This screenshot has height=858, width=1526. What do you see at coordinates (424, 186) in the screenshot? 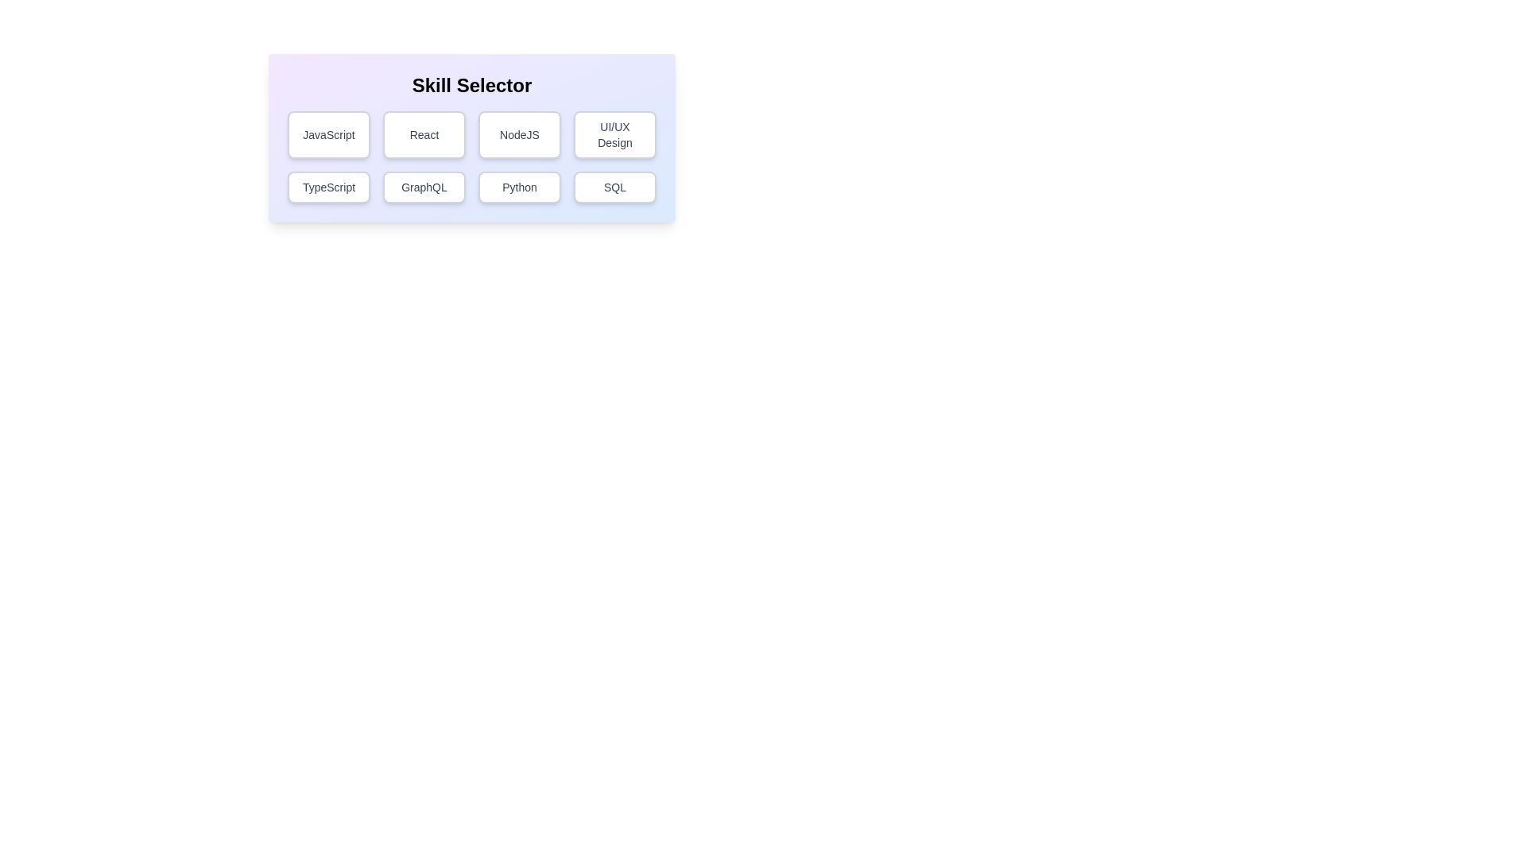
I see `the button corresponding to the skill GraphQL to toggle its selection` at bounding box center [424, 186].